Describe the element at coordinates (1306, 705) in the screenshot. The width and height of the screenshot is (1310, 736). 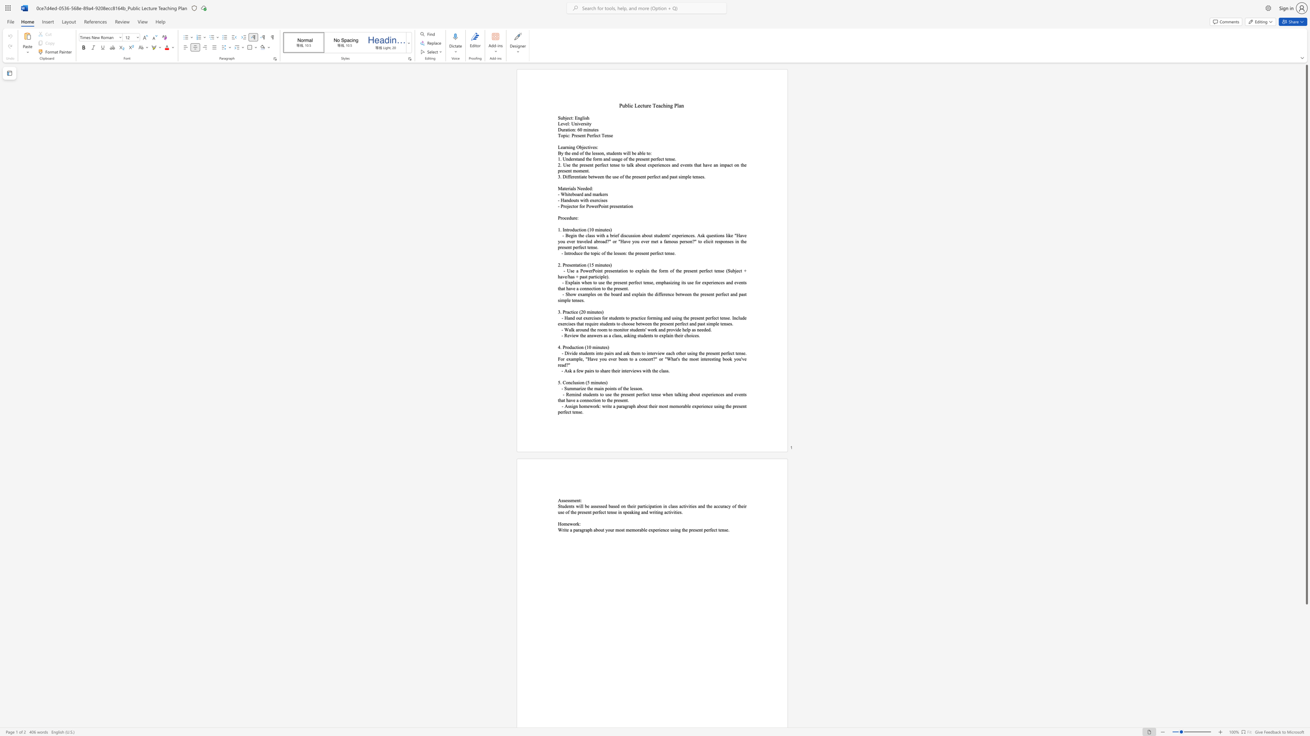
I see `the scrollbar to move the page down` at that location.